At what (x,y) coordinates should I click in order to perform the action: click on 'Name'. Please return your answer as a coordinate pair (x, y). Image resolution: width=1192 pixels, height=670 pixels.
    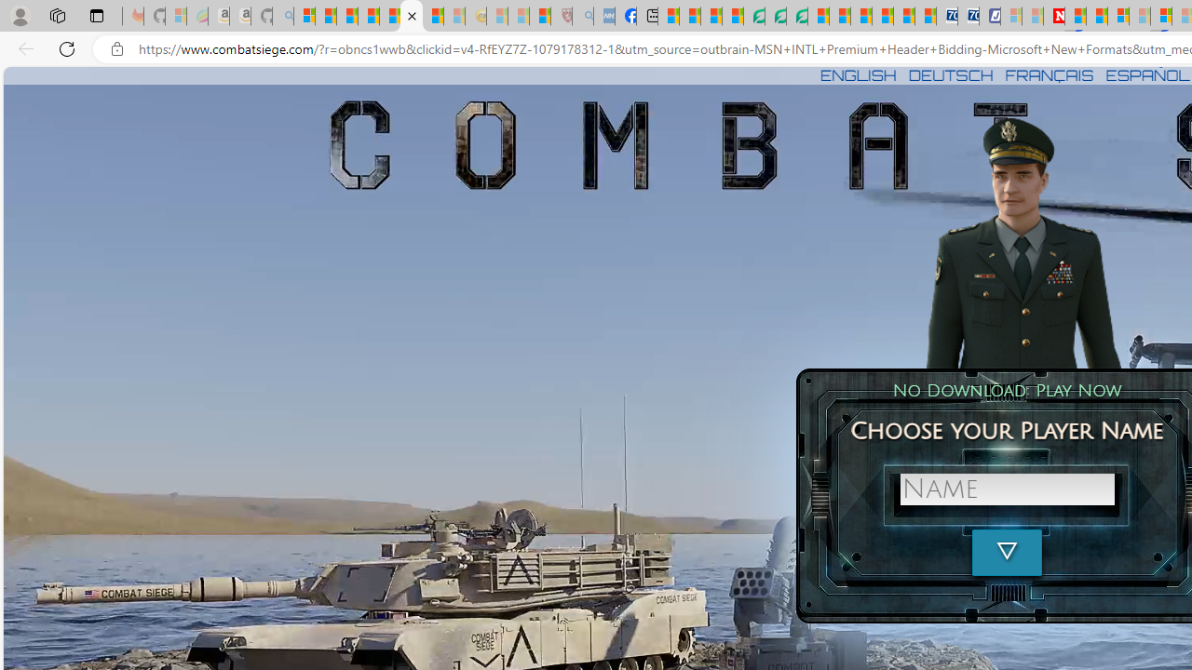
    Looking at the image, I should click on (1006, 488).